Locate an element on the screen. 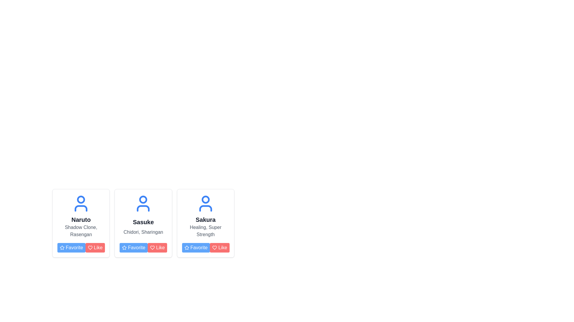 This screenshot has height=322, width=574. the user profile icon with a blue stroke outline, located at the top of the card displaying information about 'Sakura' is located at coordinates (205, 203).